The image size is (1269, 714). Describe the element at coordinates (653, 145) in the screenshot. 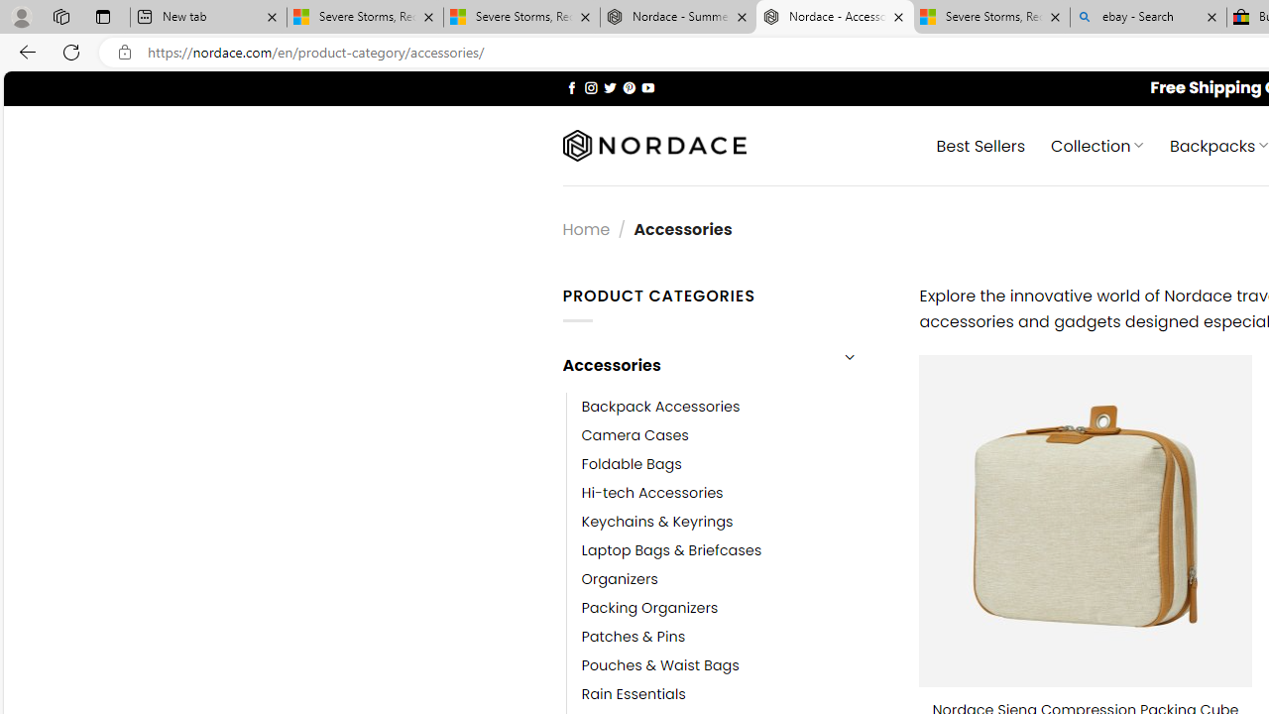

I see `'Nordace'` at that location.